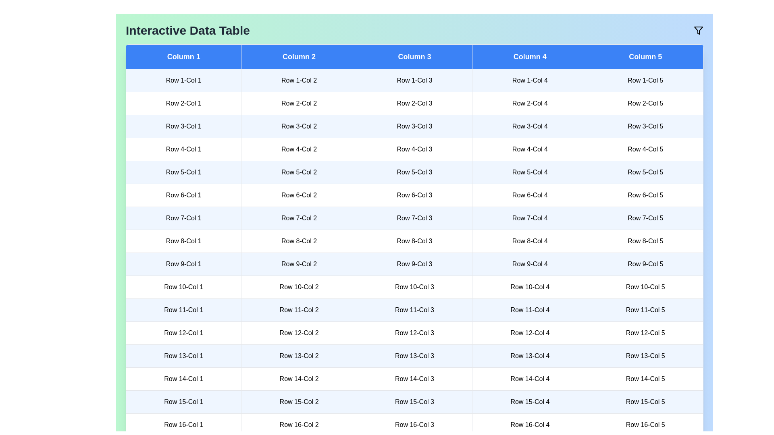  What do you see at coordinates (698, 30) in the screenshot?
I see `the filter icon to open filtering options` at bounding box center [698, 30].